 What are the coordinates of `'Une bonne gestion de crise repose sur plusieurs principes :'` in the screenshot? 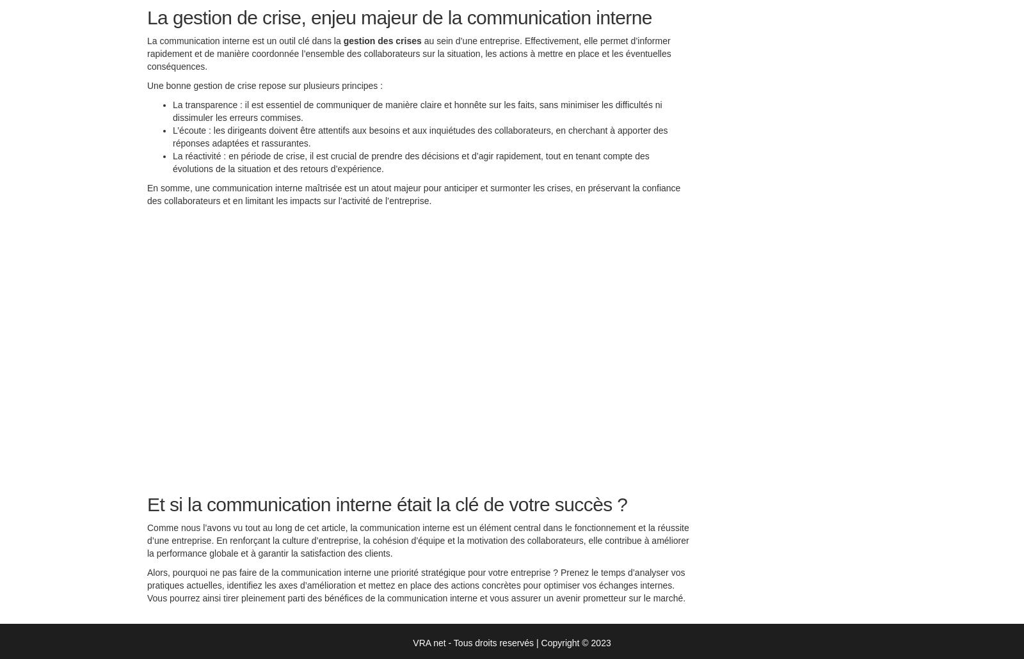 It's located at (264, 88).